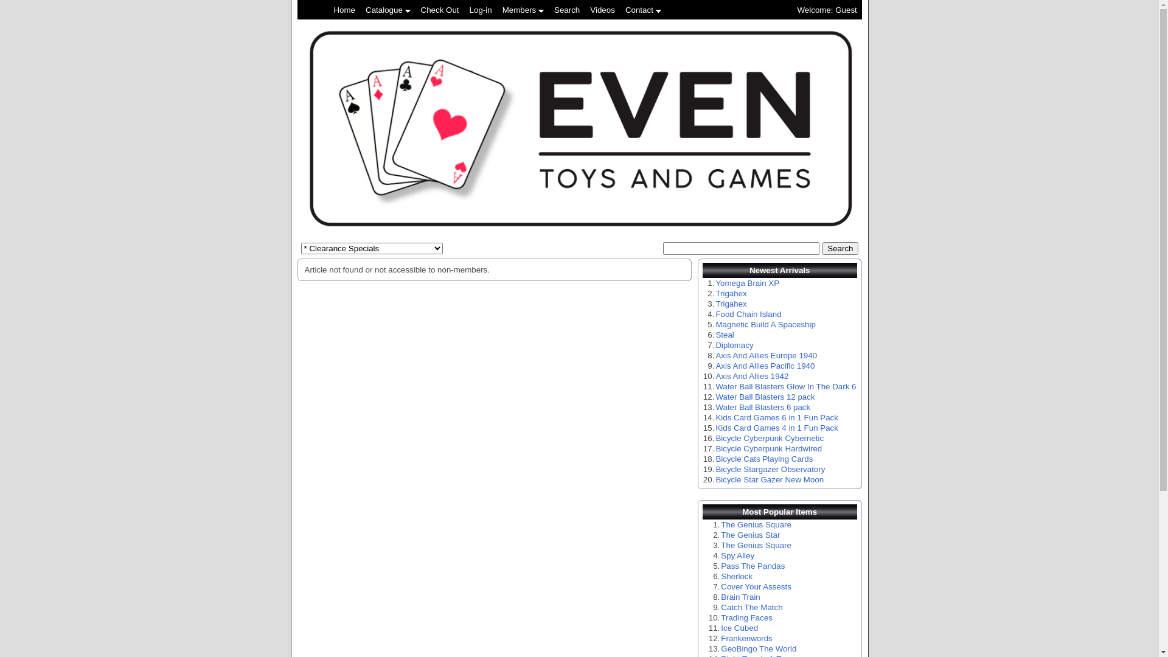 The height and width of the screenshot is (657, 1168). What do you see at coordinates (523, 10) in the screenshot?
I see `'Members'` at bounding box center [523, 10].